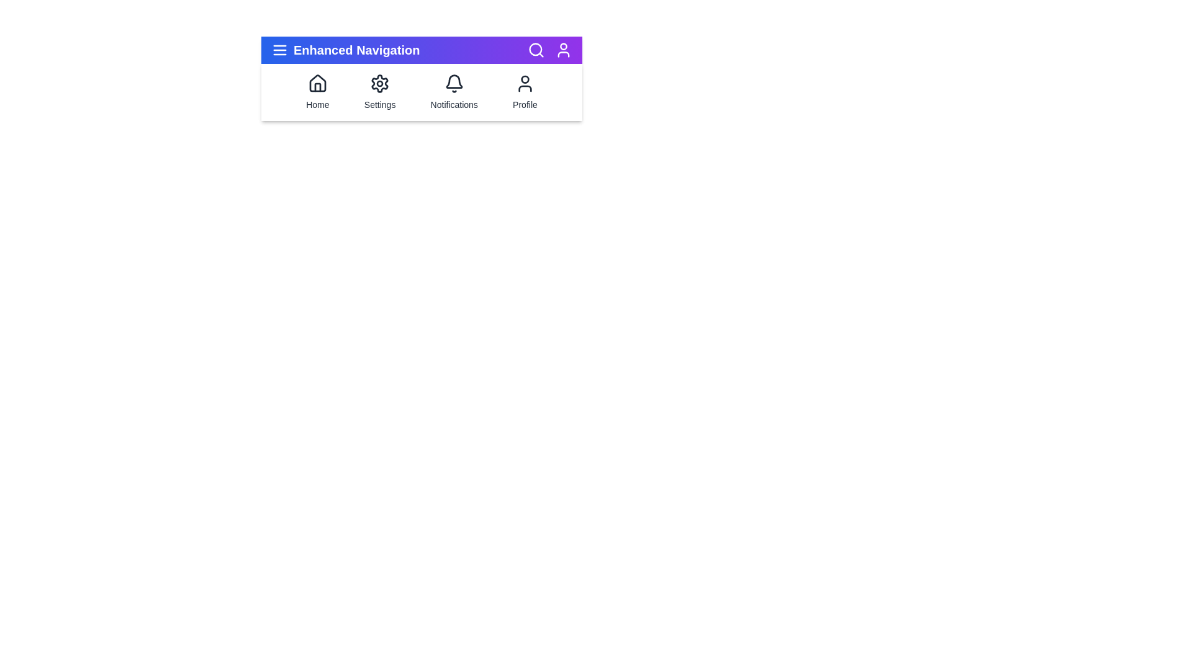 The height and width of the screenshot is (670, 1192). Describe the element at coordinates (536, 50) in the screenshot. I see `the 'Search' icon to initiate a search action` at that location.